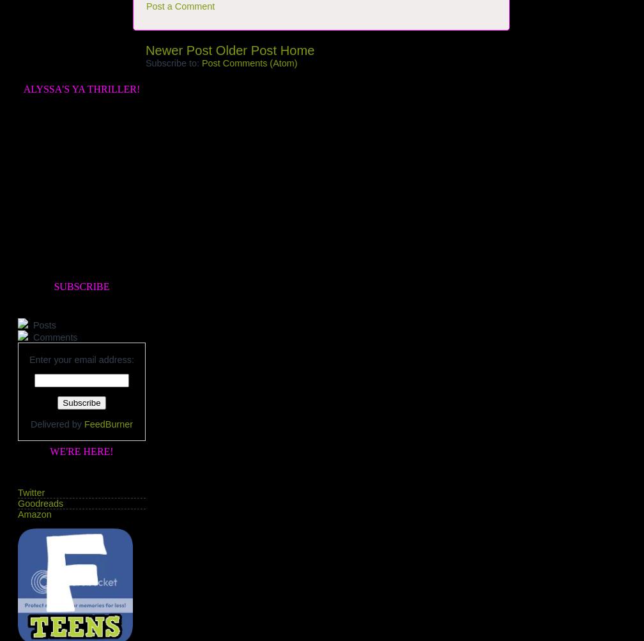 The image size is (644, 641). What do you see at coordinates (81, 358) in the screenshot?
I see `'Enter your email address:'` at bounding box center [81, 358].